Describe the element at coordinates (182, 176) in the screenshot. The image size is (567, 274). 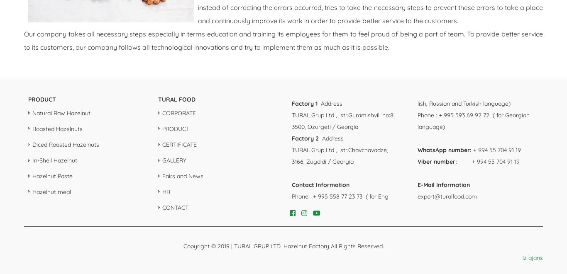
I see `'Fairs and News'` at that location.